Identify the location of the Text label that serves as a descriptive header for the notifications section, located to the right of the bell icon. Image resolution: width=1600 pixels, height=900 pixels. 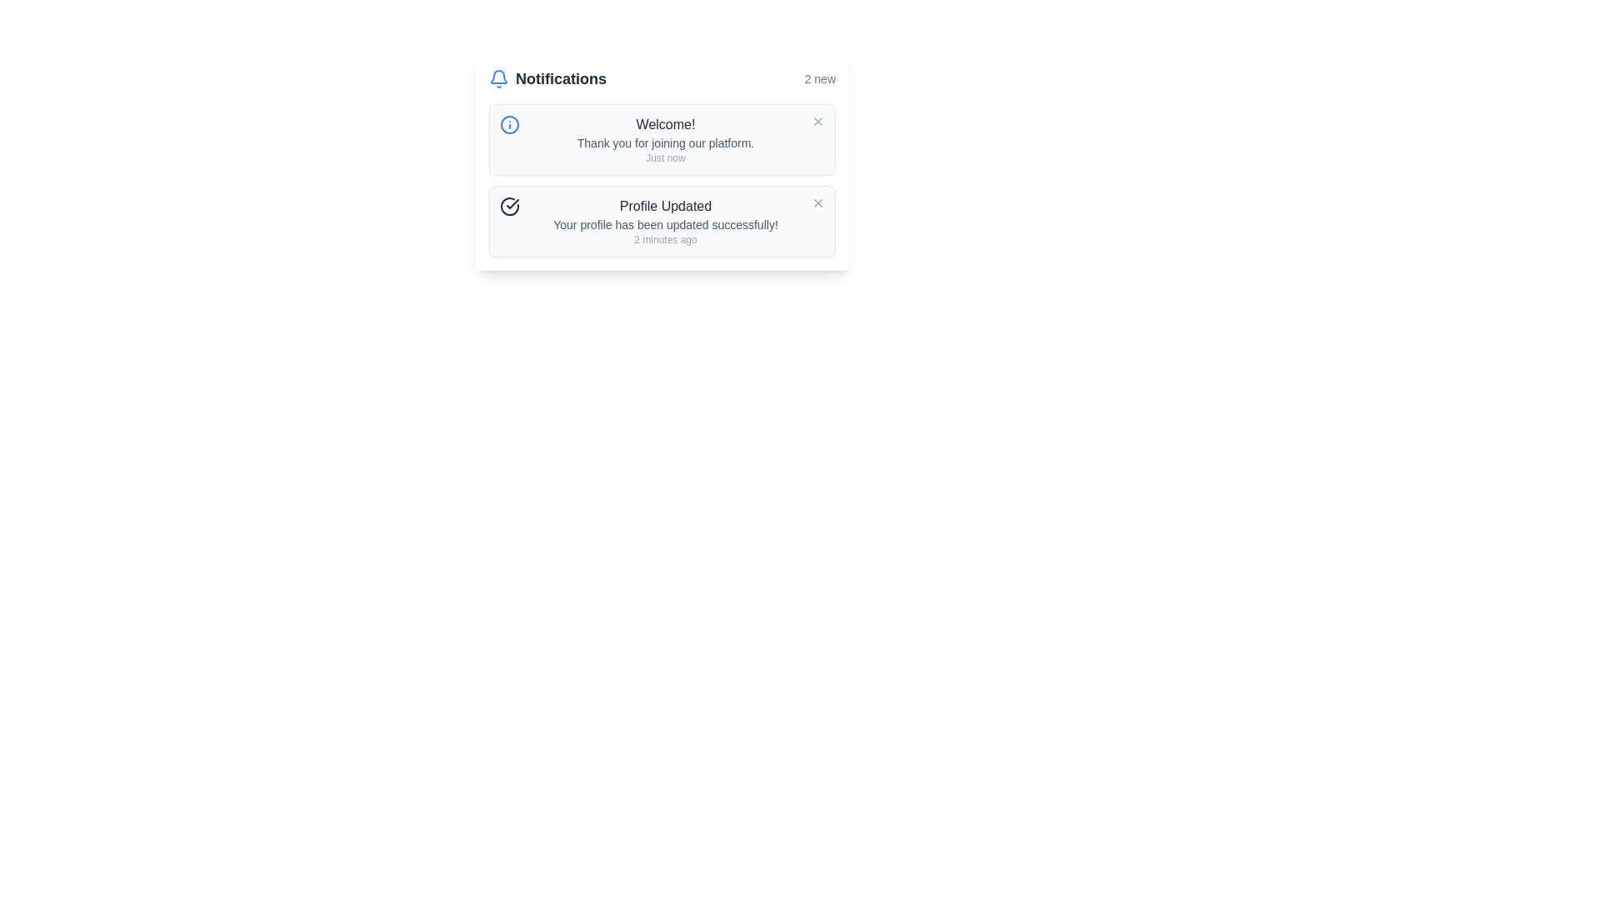
(561, 79).